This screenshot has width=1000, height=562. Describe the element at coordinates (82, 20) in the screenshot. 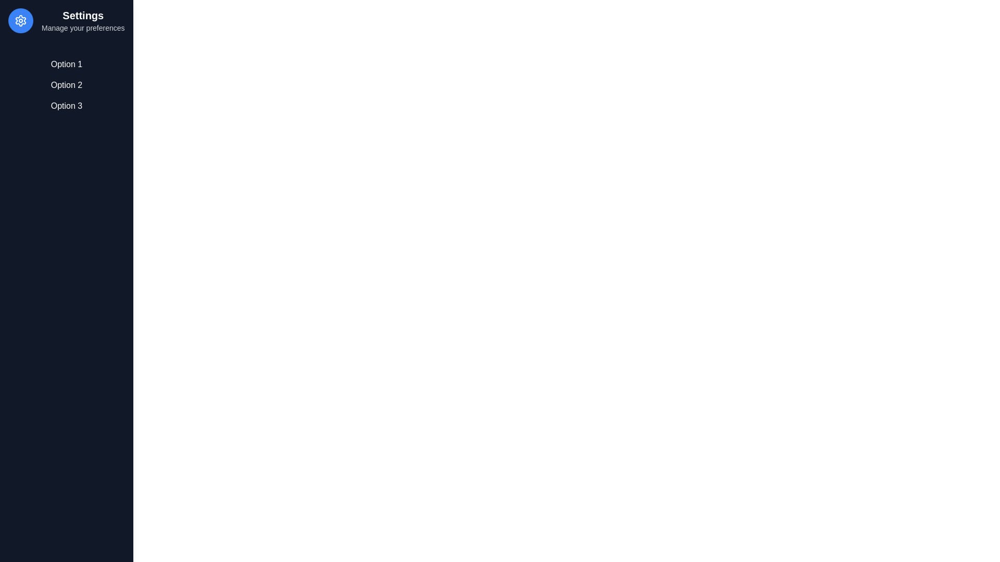

I see `'Settings' header text located in the upper part of a dark sidebar, which is the first text element next to a gear icon` at that location.